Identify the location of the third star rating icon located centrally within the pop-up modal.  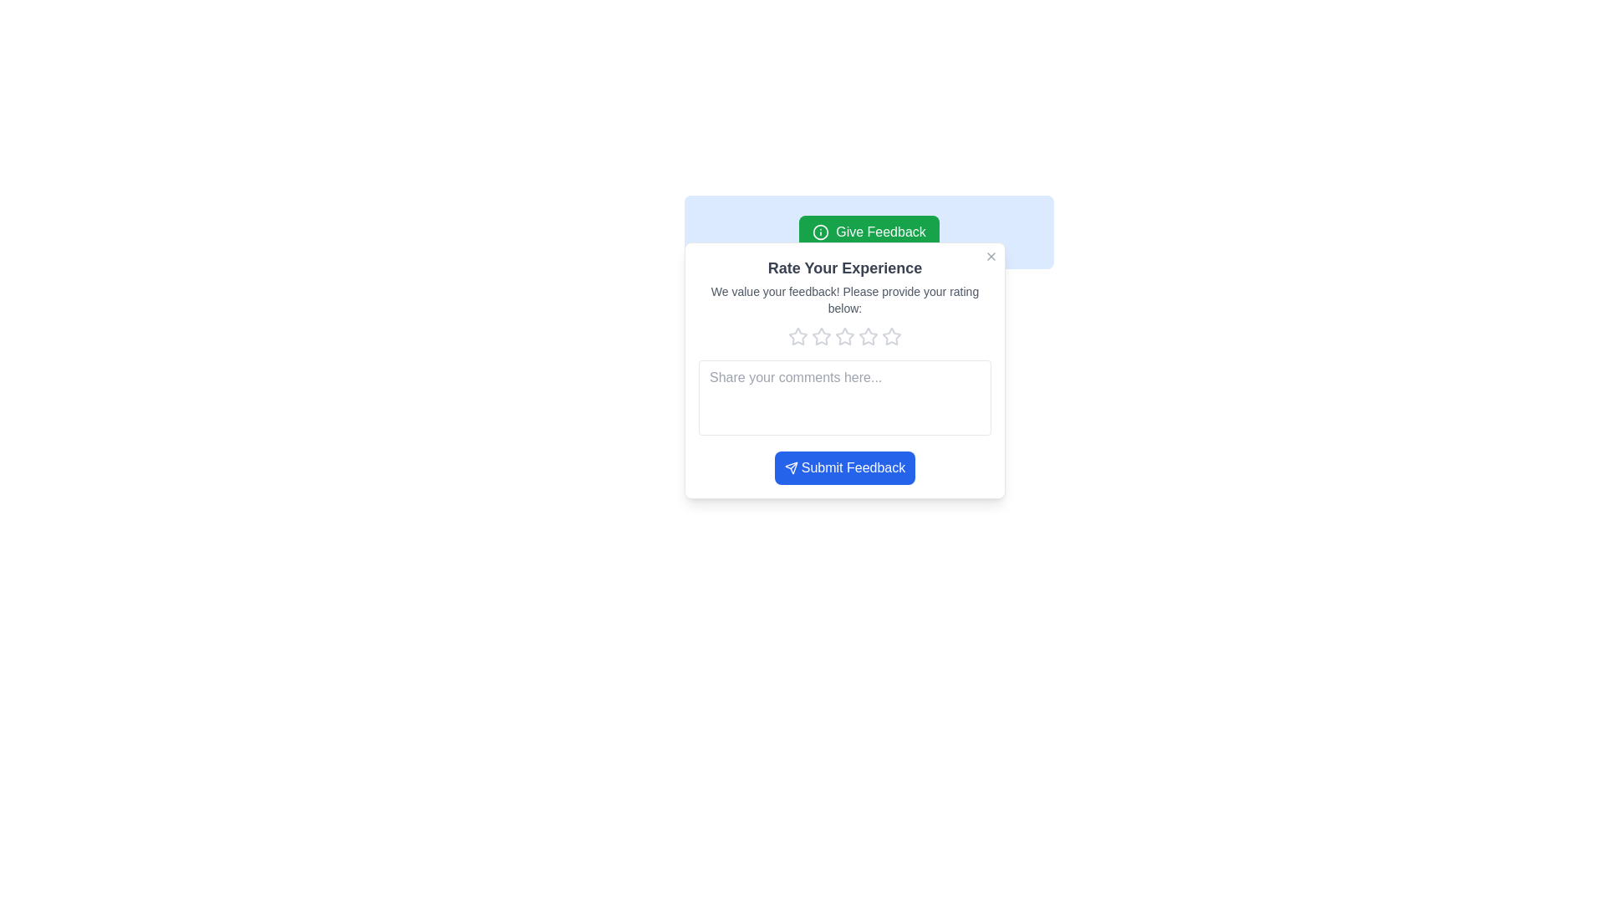
(845, 336).